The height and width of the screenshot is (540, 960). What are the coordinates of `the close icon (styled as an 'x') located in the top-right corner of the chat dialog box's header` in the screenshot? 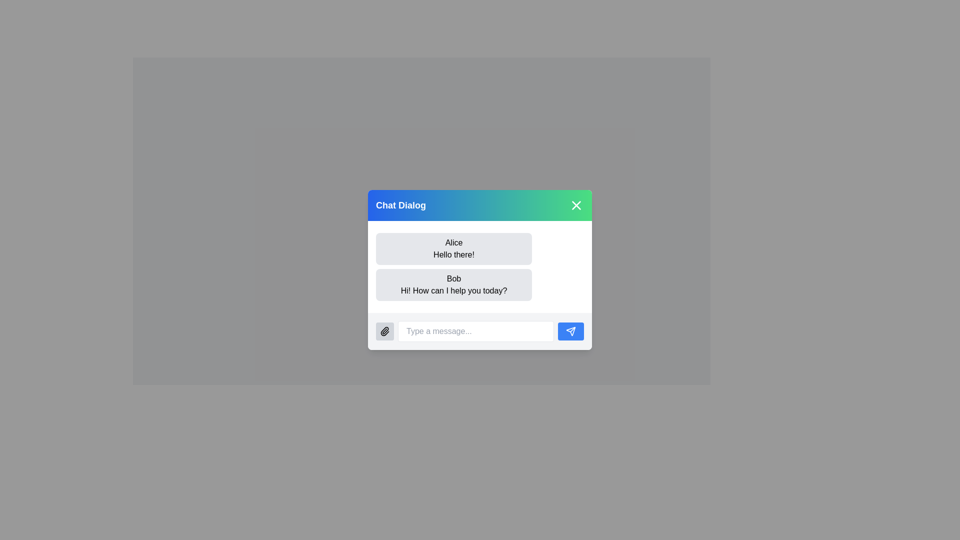 It's located at (576, 205).